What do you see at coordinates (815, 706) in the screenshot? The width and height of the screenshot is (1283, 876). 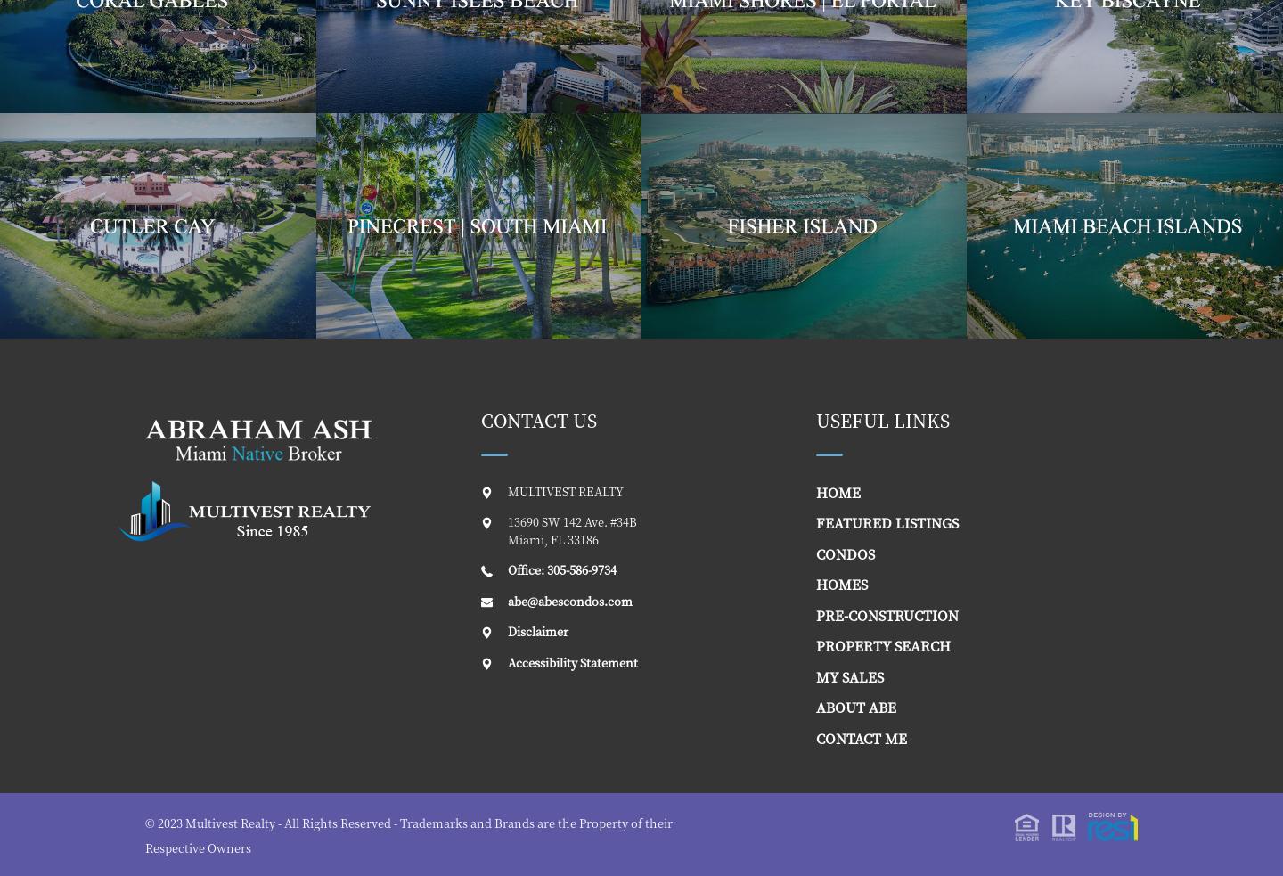 I see `'About Abe'` at bounding box center [815, 706].